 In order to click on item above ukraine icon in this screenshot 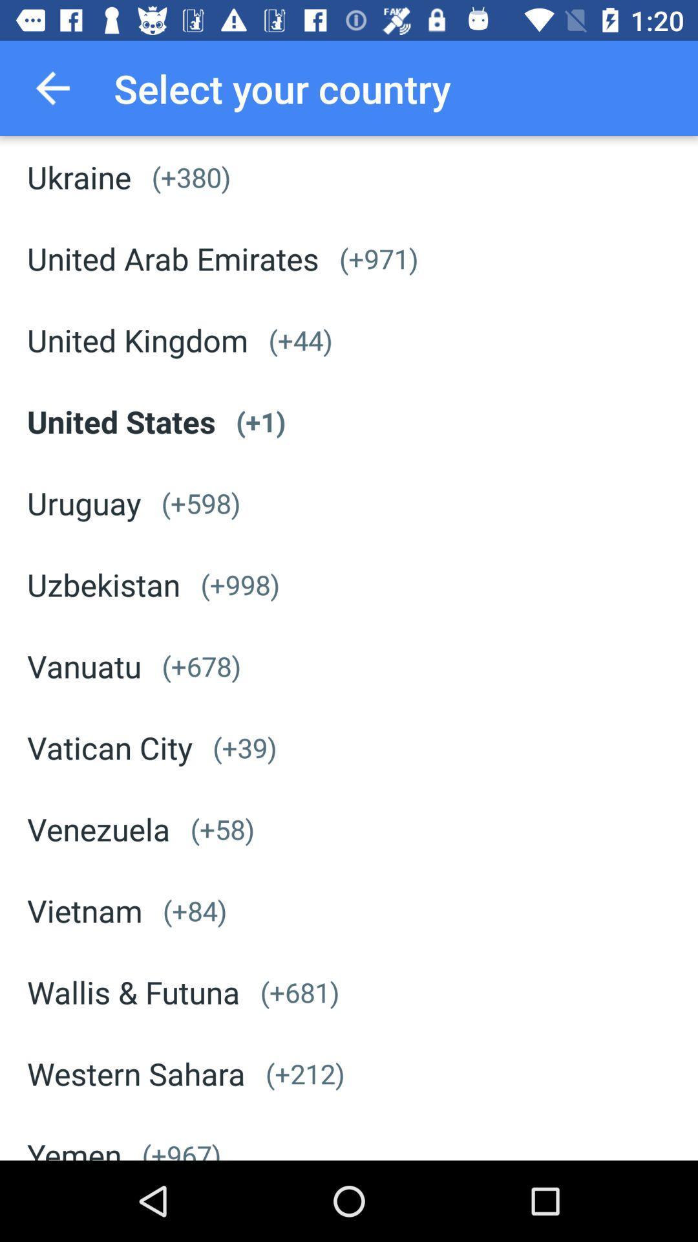, I will do `click(52, 87)`.